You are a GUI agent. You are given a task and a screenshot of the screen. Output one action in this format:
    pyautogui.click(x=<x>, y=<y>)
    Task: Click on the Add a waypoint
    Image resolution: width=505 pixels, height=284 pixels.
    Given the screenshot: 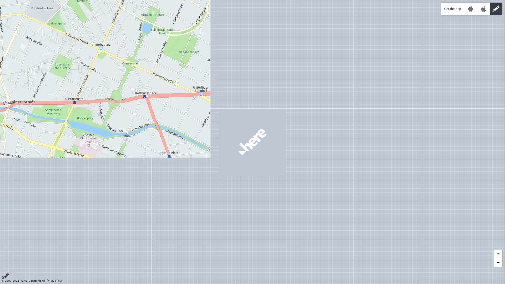 What is the action you would take?
    pyautogui.click(x=21, y=15)
    